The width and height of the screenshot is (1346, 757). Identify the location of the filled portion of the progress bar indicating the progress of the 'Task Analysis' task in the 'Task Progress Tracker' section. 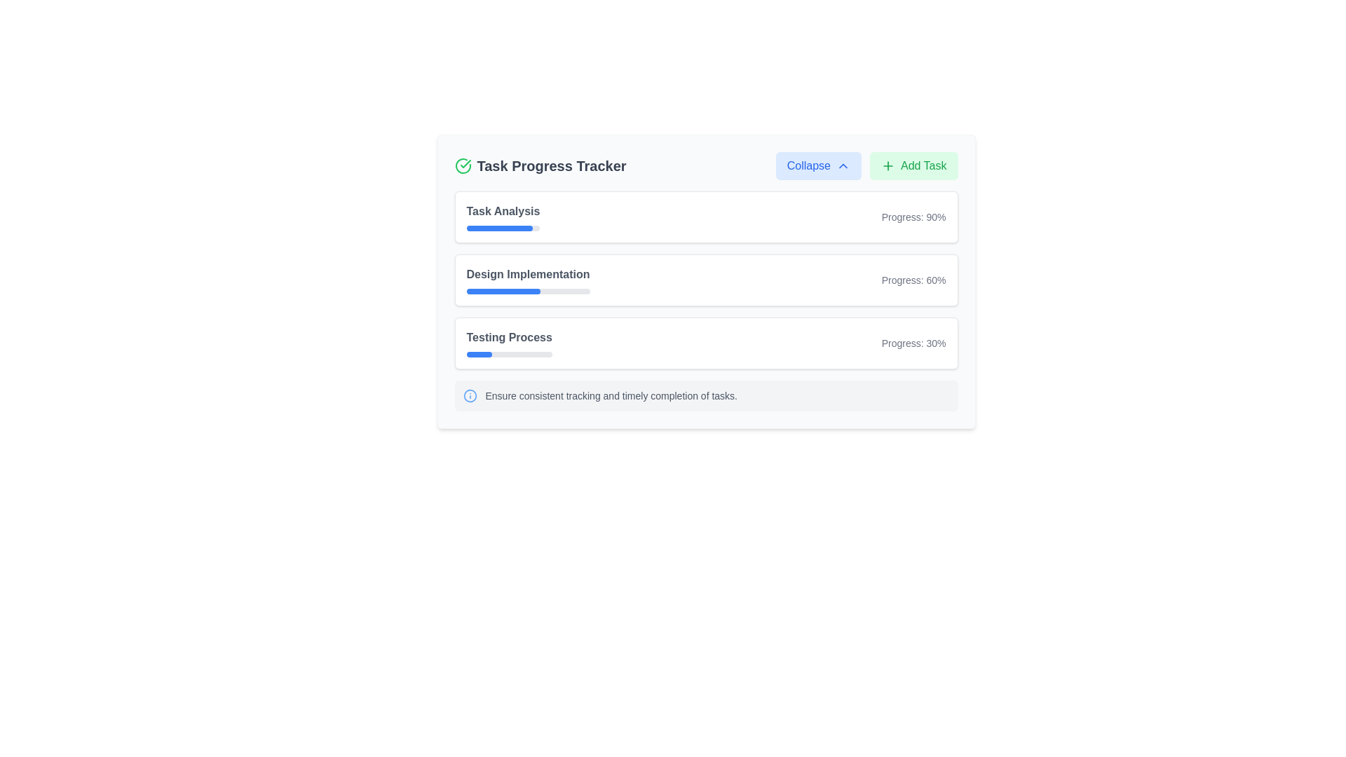
(499, 228).